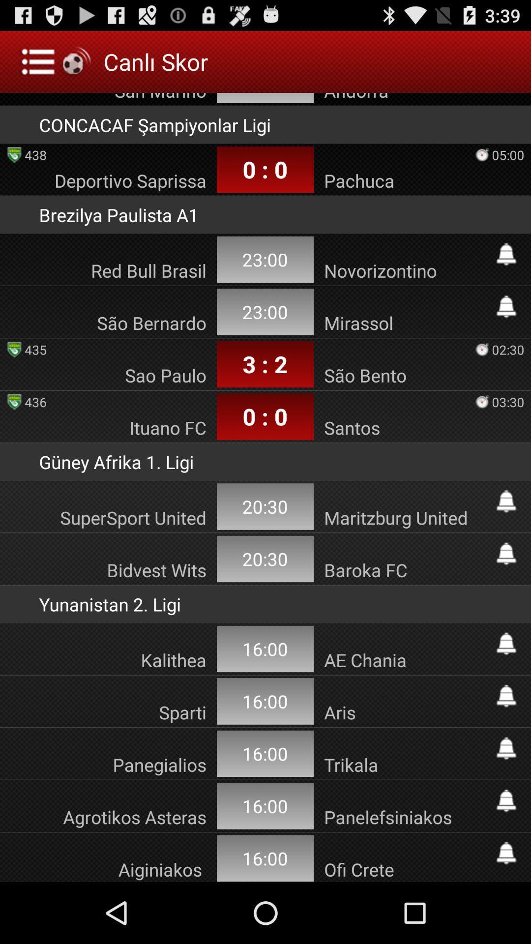 Image resolution: width=531 pixels, height=944 pixels. I want to click on set alert button, so click(506, 306).